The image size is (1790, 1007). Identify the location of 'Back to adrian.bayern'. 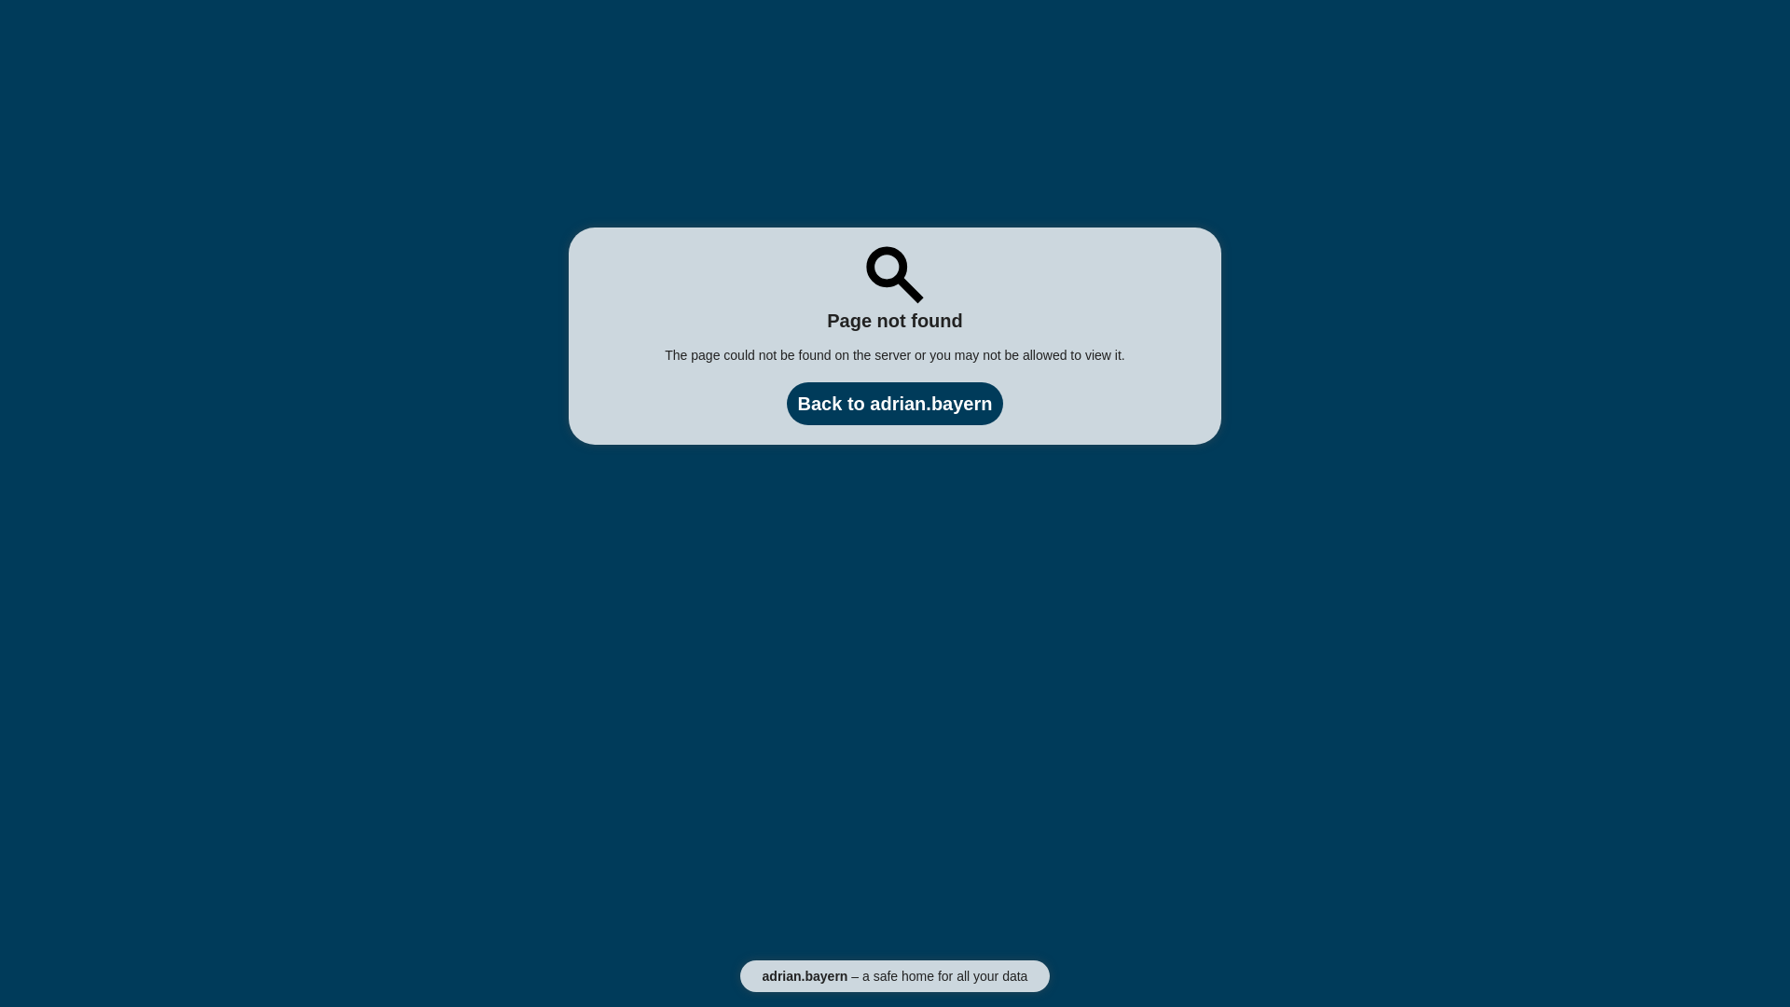
(895, 402).